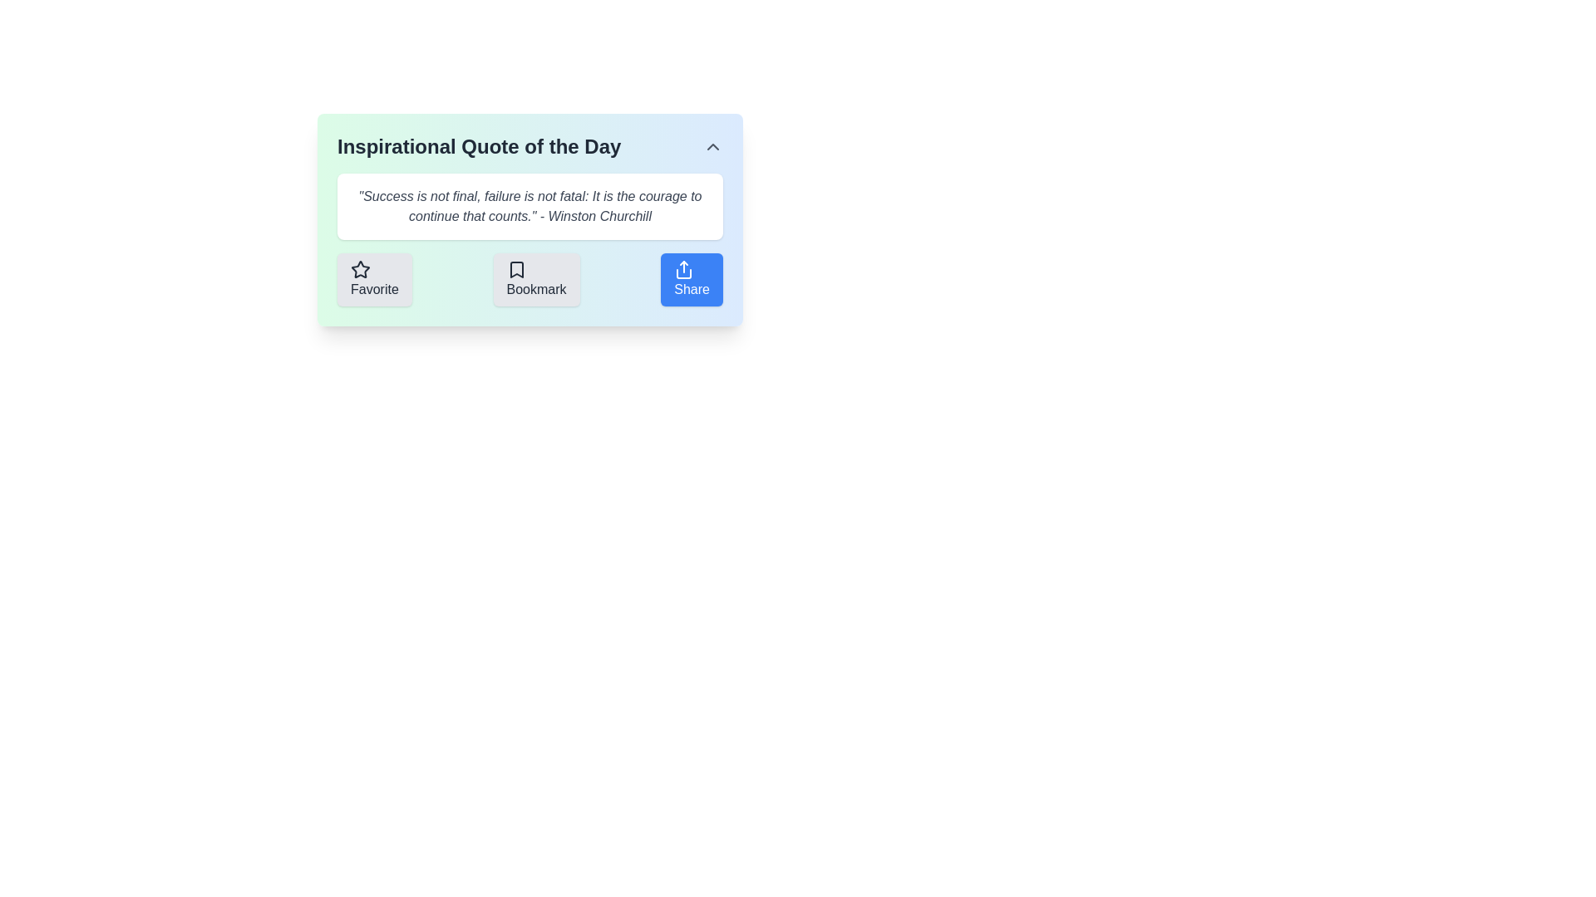 The image size is (1596, 897). Describe the element at coordinates (530, 278) in the screenshot. I see `the 'Bookmark' button, which is the second button in a row of functional buttons near the bottom of the card containing a quote` at that location.